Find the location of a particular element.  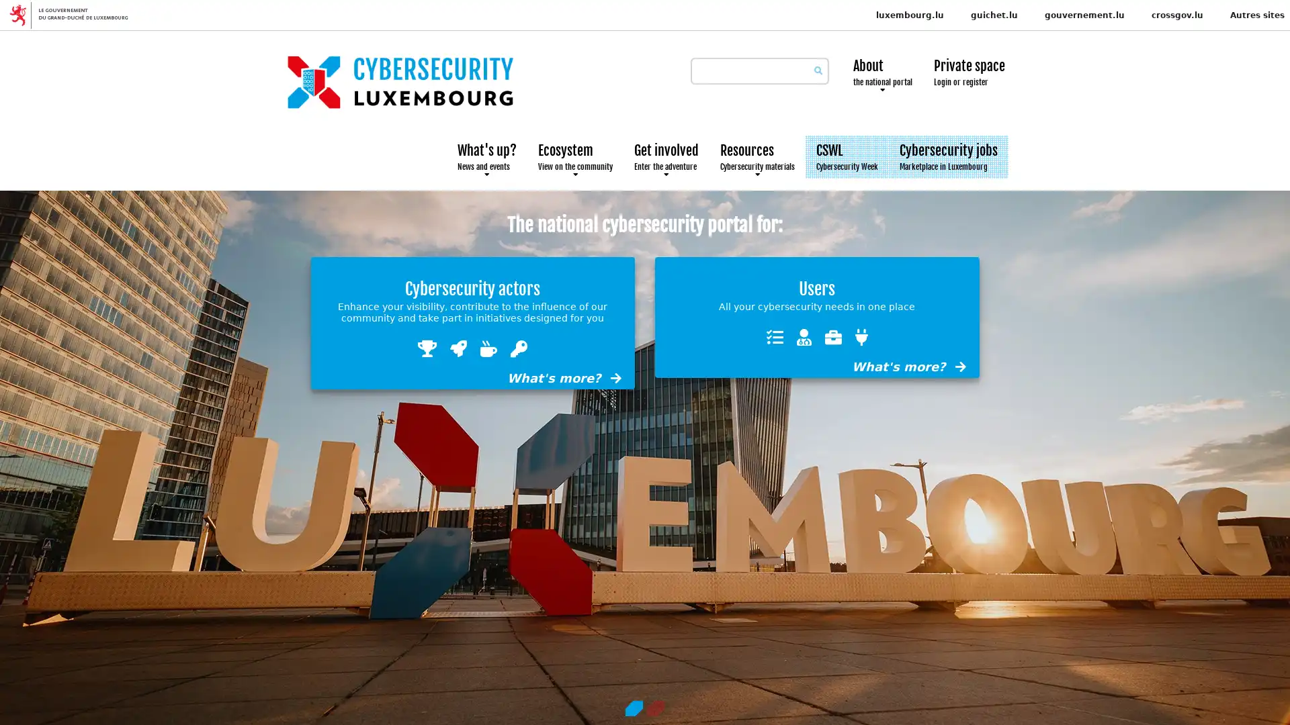

CSWL Cybersecurity Week is located at coordinates (847, 156).